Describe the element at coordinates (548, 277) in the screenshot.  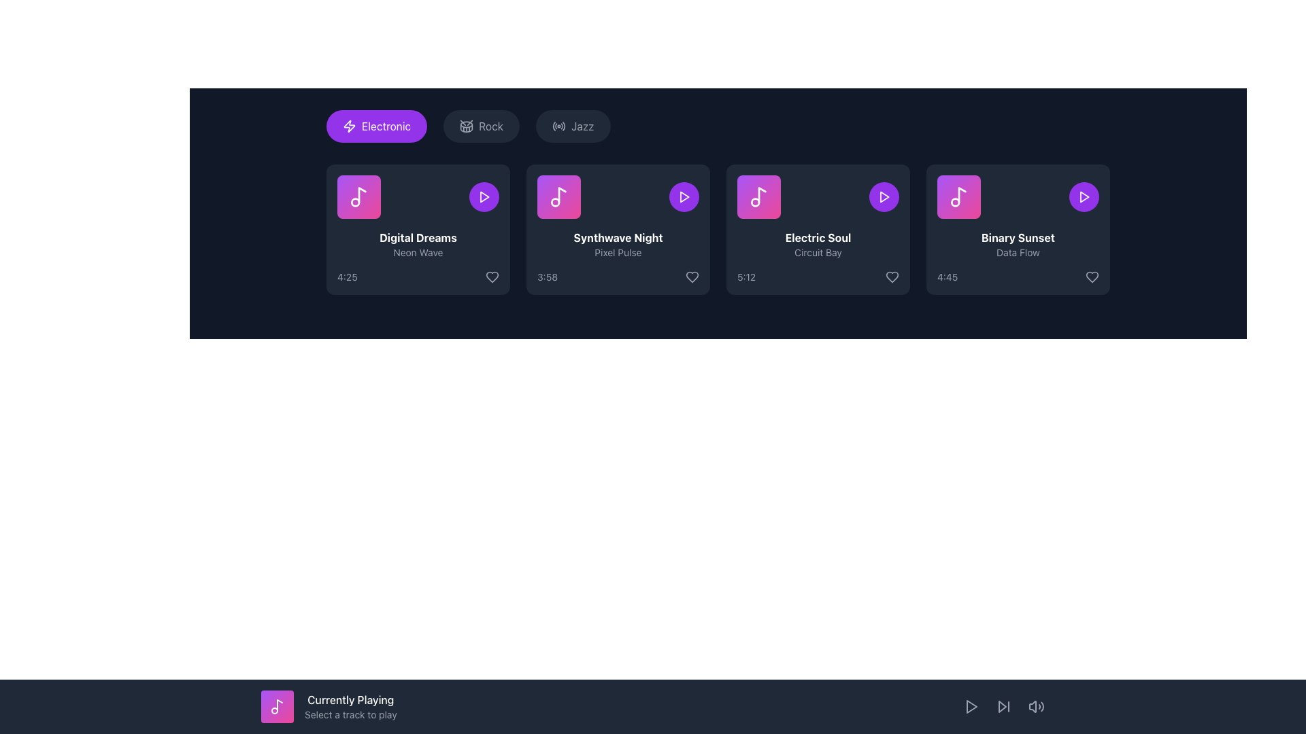
I see `the label displaying the song duration located in the bottom-left corner of the second music card from the left in the grid` at that location.